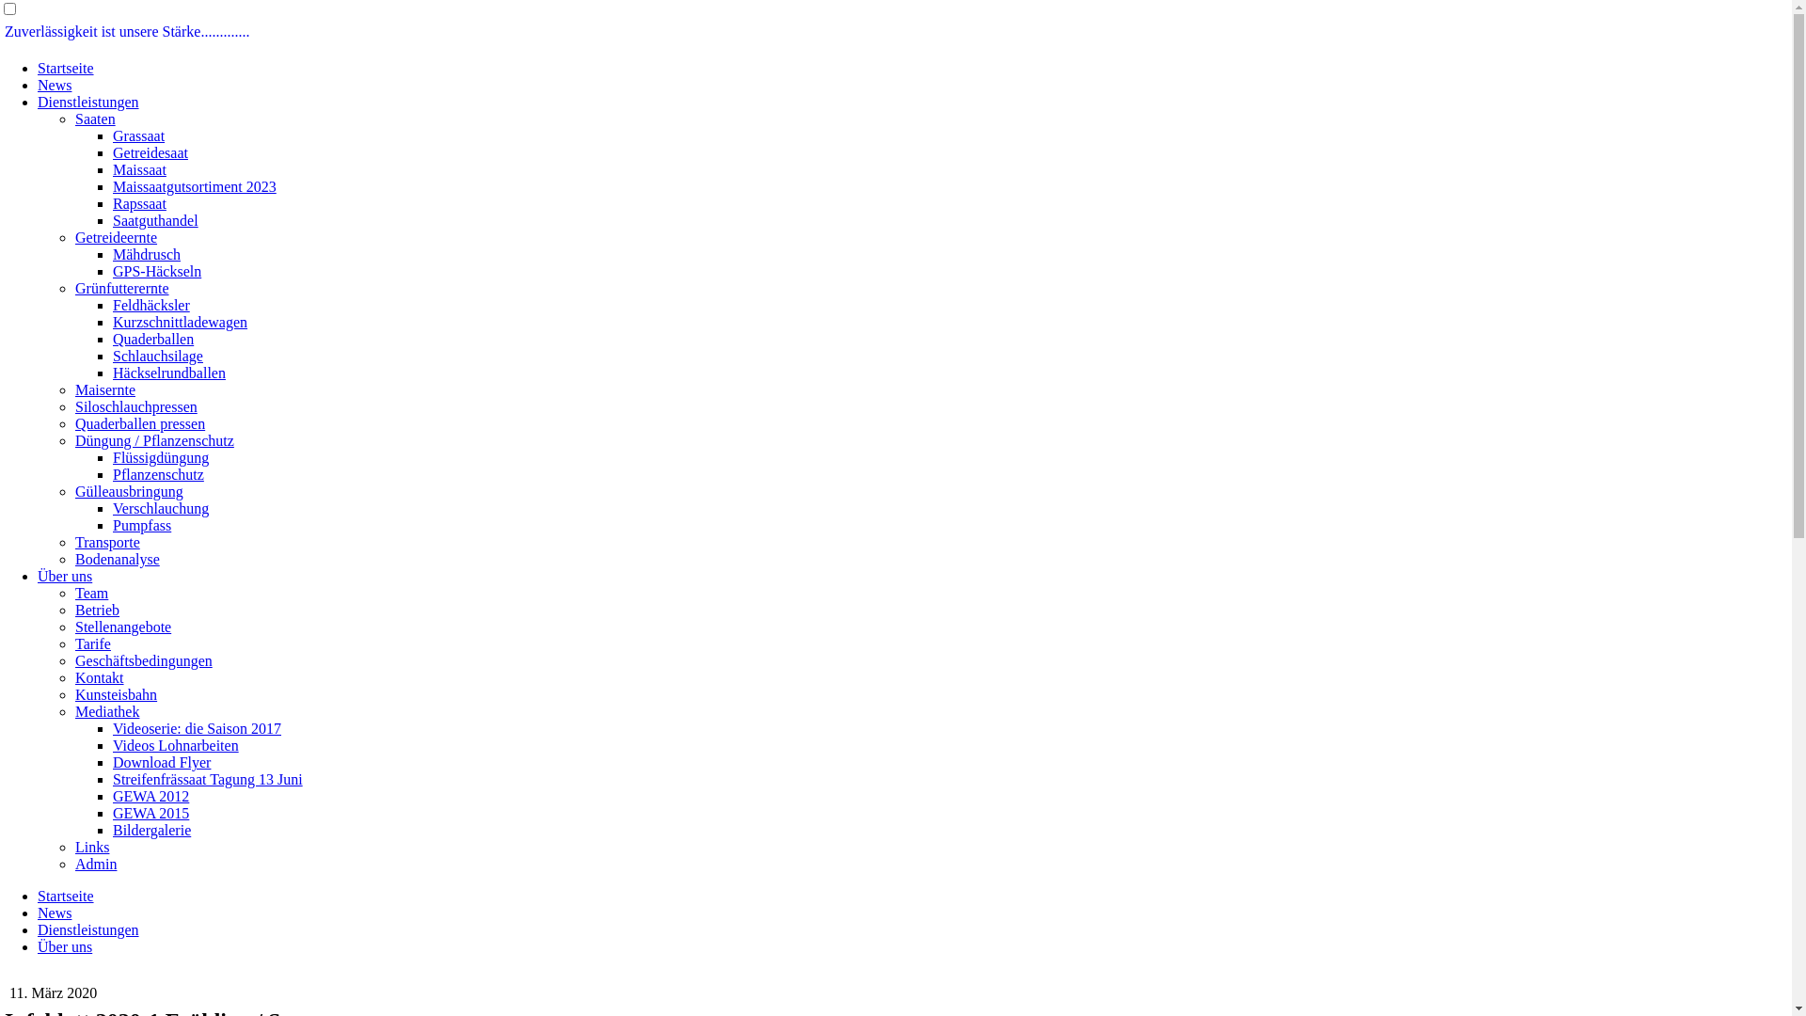  What do you see at coordinates (197, 727) in the screenshot?
I see `'Videoserie: die Saison 2017'` at bounding box center [197, 727].